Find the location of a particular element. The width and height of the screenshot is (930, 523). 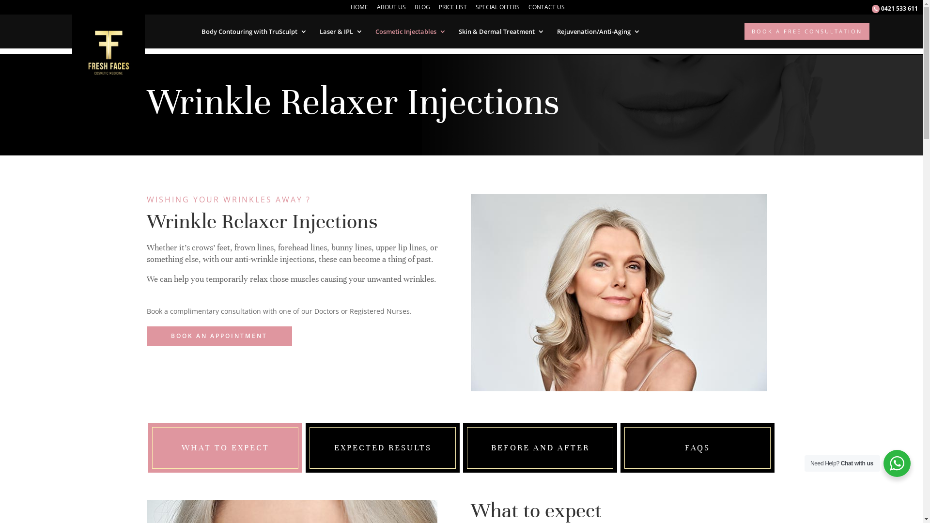

'BLOG' is located at coordinates (422, 9).